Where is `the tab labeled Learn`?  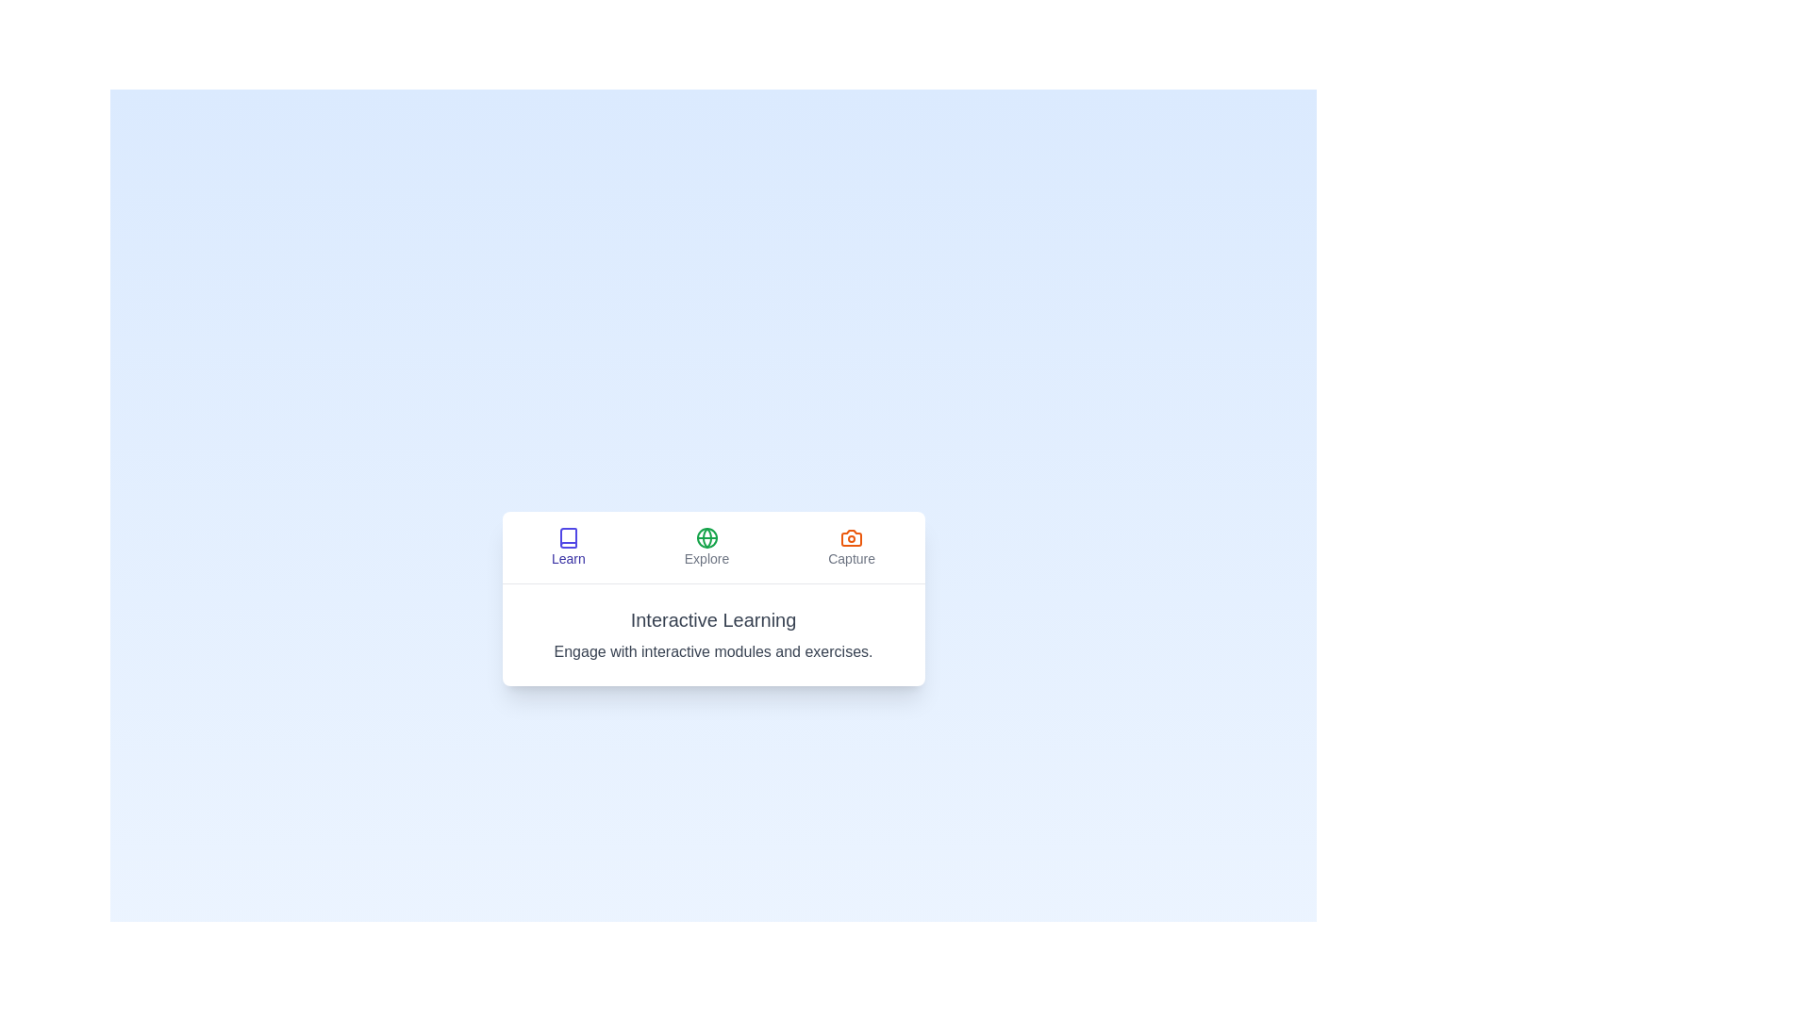
the tab labeled Learn is located at coordinates (567, 547).